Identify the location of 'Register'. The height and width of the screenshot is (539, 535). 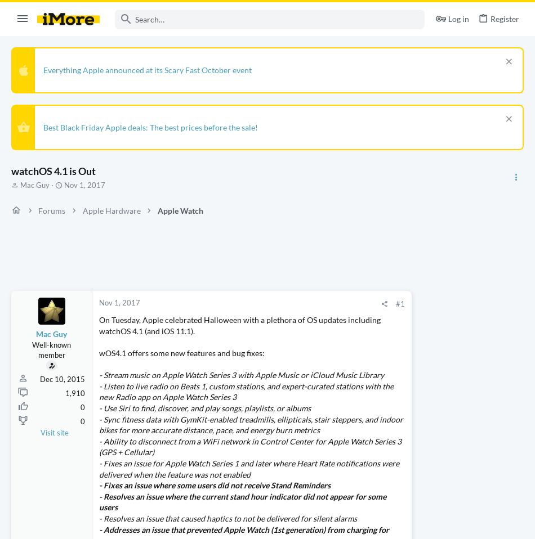
(504, 18).